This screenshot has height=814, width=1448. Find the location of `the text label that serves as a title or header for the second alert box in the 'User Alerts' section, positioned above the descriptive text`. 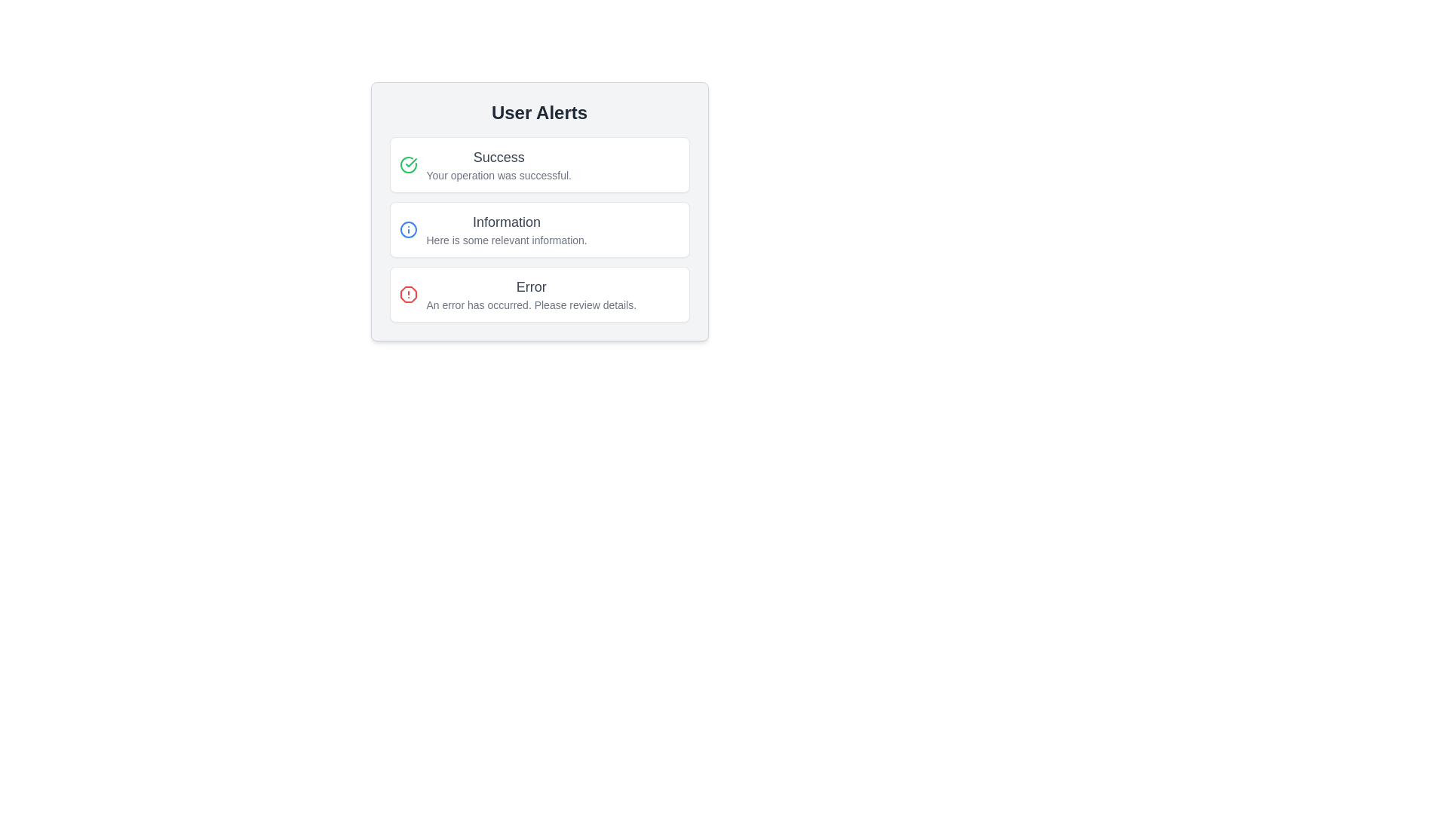

the text label that serves as a title or header for the second alert box in the 'User Alerts' section, positioned above the descriptive text is located at coordinates (507, 222).